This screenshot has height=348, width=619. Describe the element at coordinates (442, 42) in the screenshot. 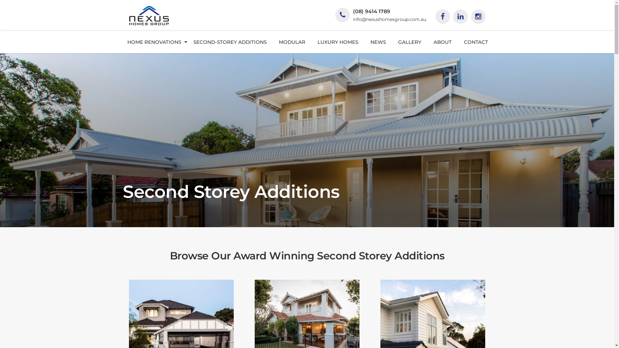

I see `'ABOUT'` at that location.